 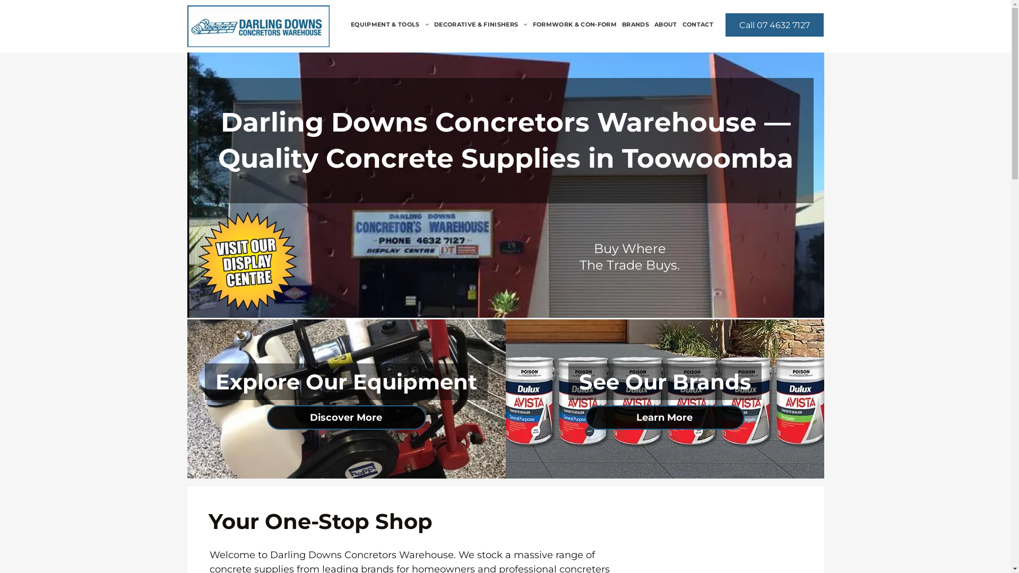 I want to click on 'Discover More', so click(x=346, y=416).